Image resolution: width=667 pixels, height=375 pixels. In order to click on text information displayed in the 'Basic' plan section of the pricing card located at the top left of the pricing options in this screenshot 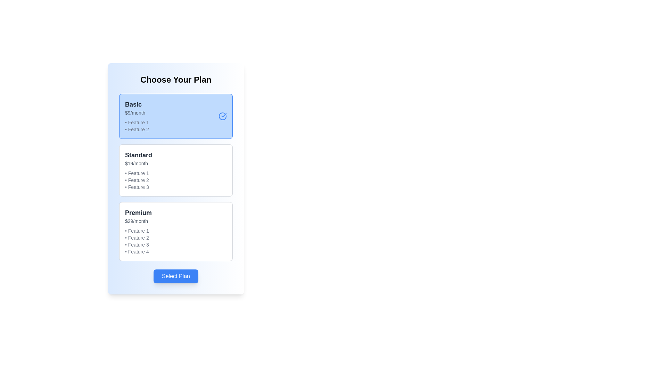, I will do `click(137, 116)`.